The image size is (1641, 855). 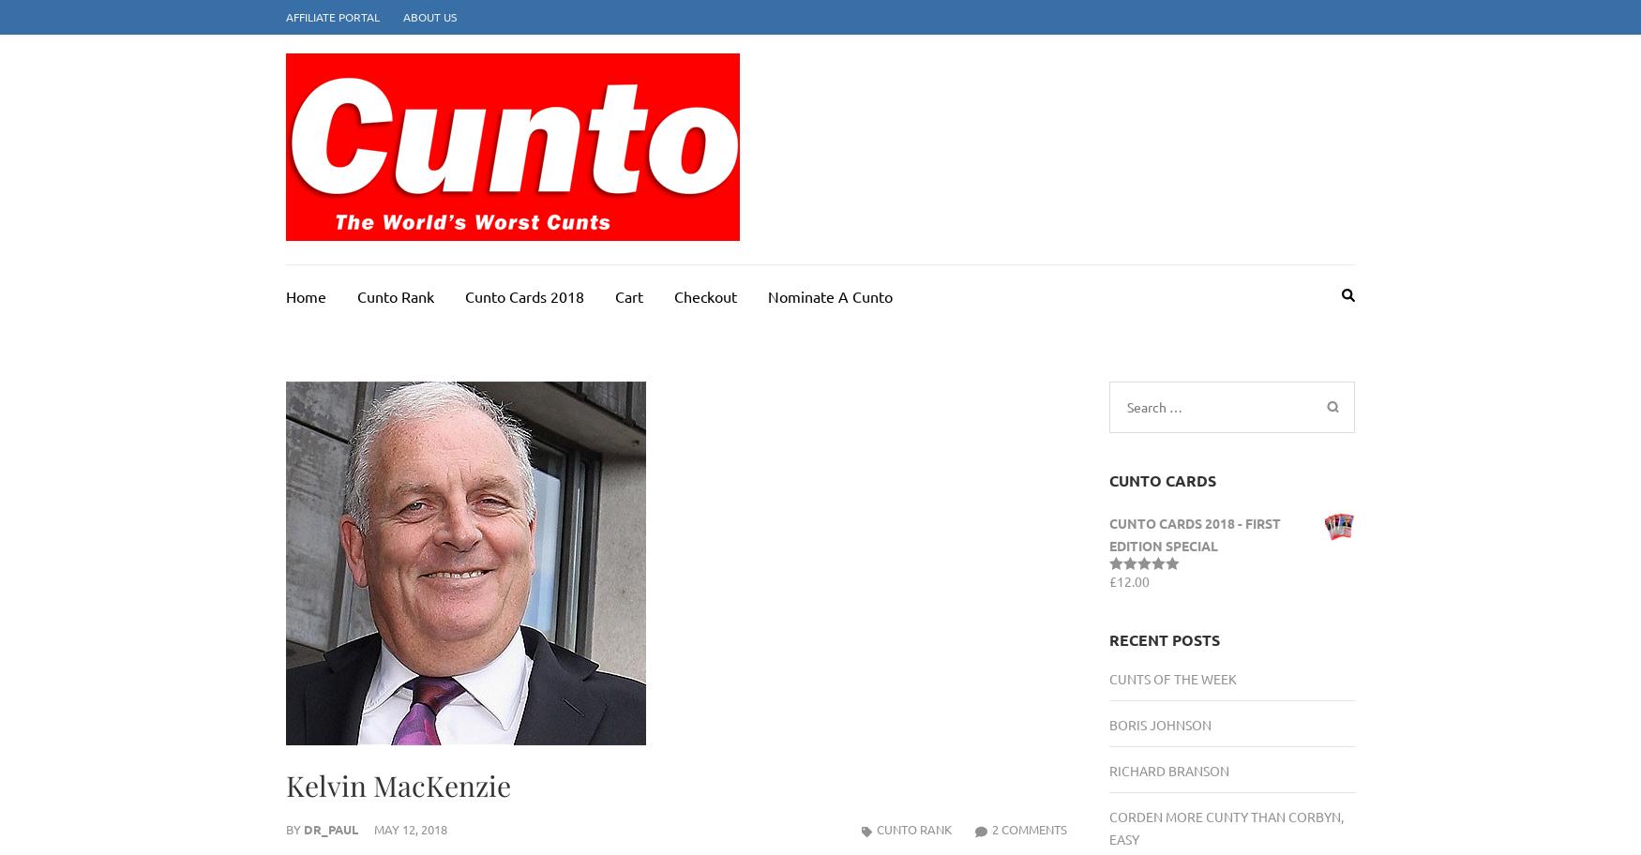 What do you see at coordinates (1168, 769) in the screenshot?
I see `'Richard Branson'` at bounding box center [1168, 769].